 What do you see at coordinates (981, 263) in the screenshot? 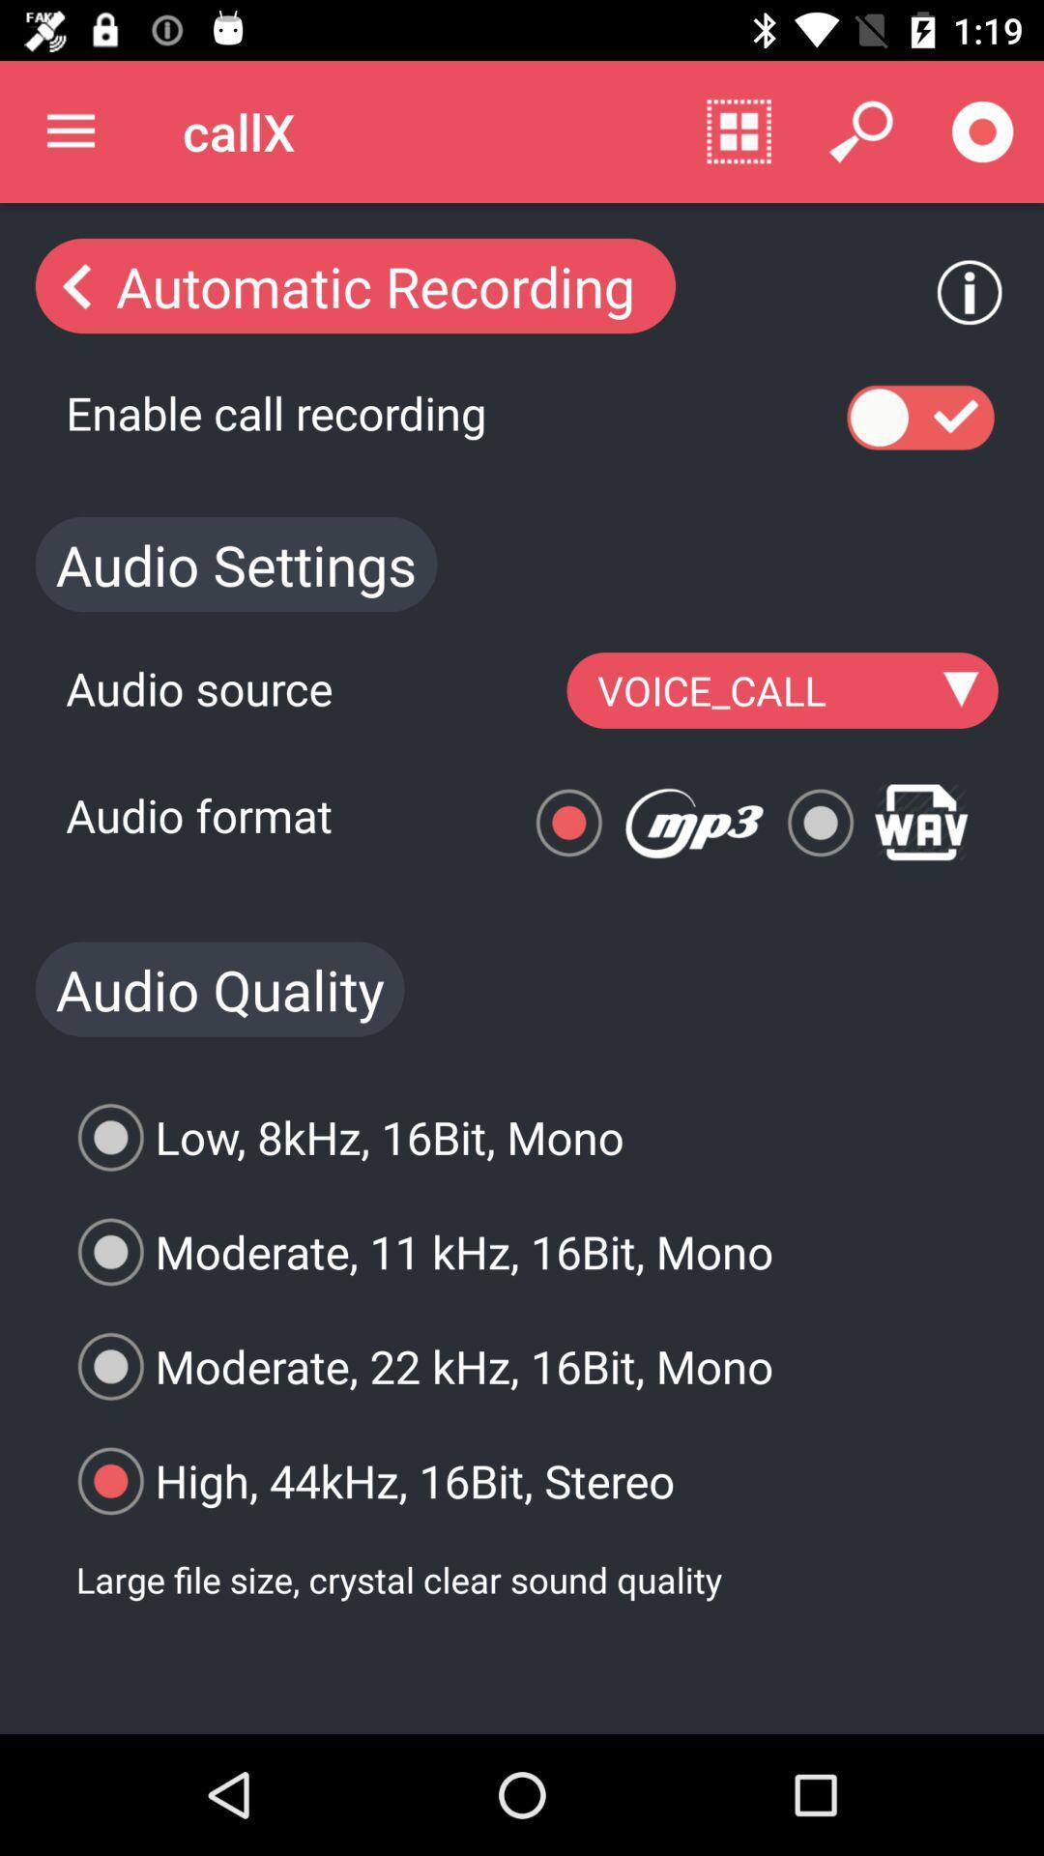
I see `the info icon` at bounding box center [981, 263].